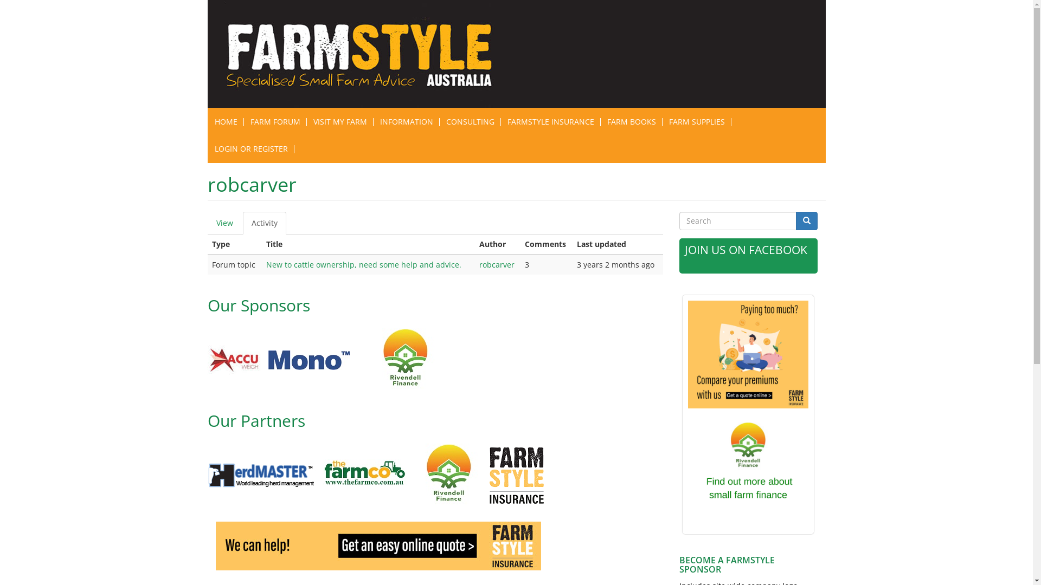  Describe the element at coordinates (250, 148) in the screenshot. I see `'LOGIN OR REGISTER'` at that location.